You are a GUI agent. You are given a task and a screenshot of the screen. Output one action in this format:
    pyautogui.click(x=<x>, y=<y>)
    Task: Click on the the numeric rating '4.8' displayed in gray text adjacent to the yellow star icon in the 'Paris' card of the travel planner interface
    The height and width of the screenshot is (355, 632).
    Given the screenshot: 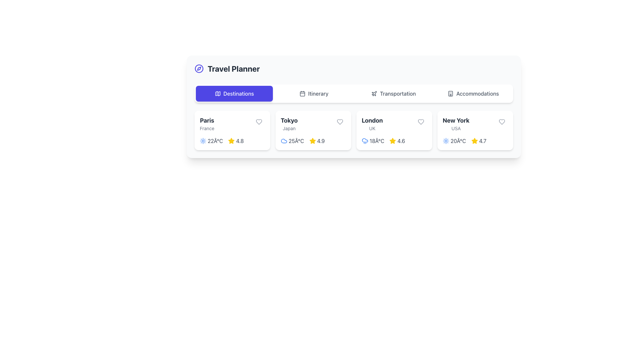 What is the action you would take?
    pyautogui.click(x=239, y=140)
    